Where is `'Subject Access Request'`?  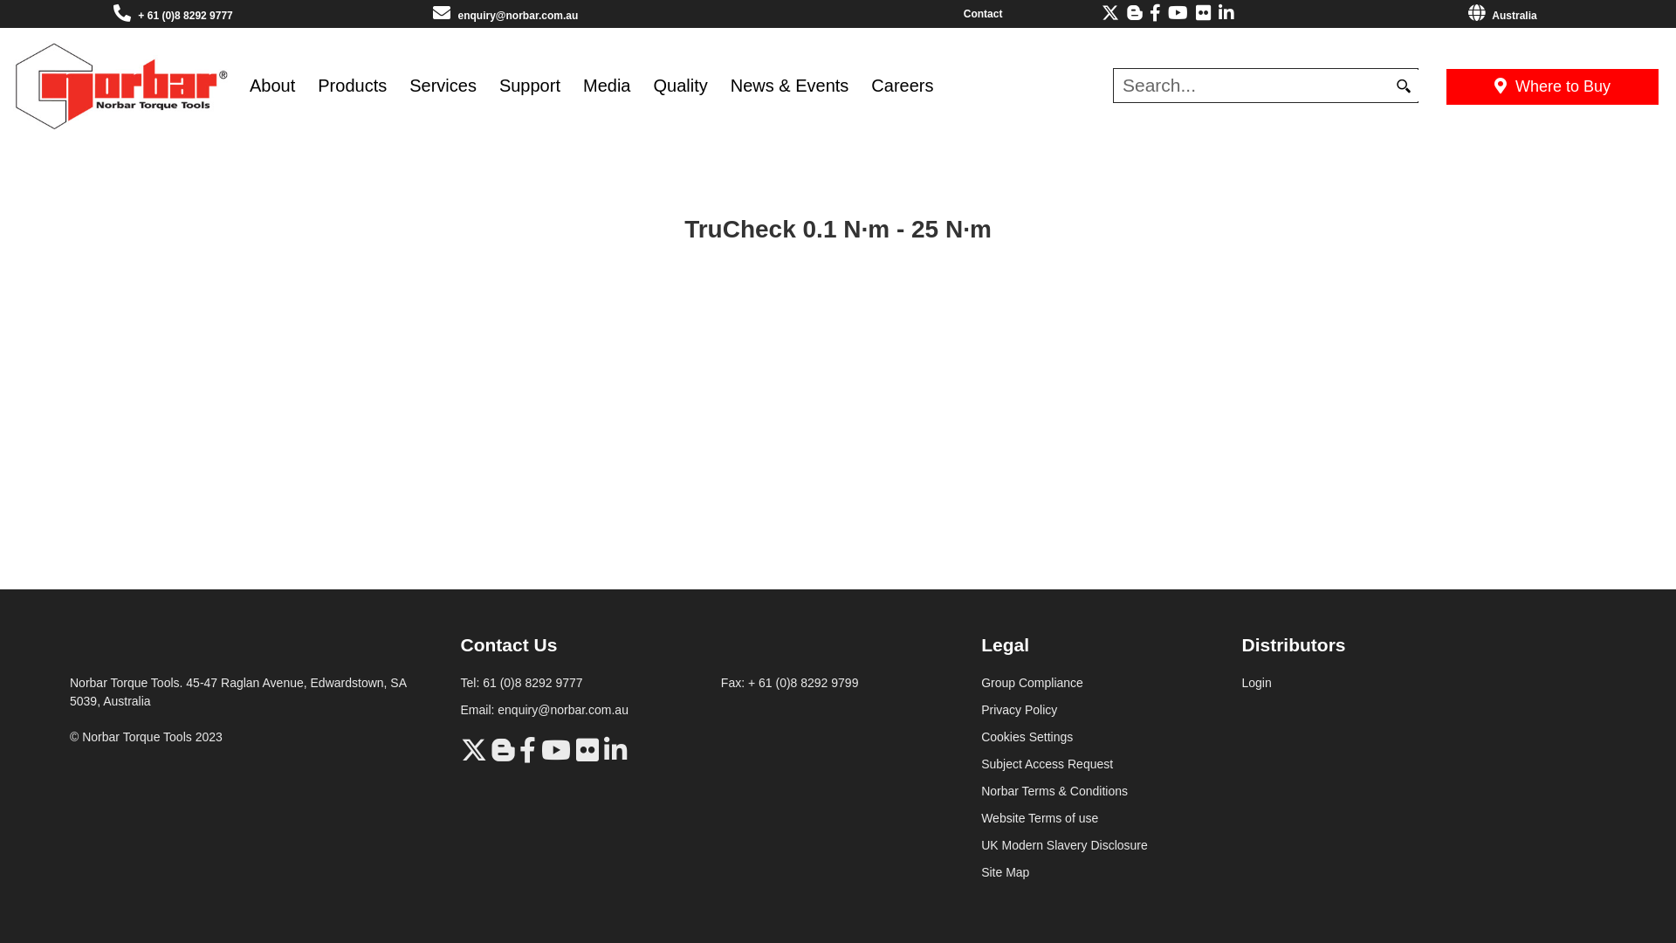 'Subject Access Request' is located at coordinates (1047, 763).